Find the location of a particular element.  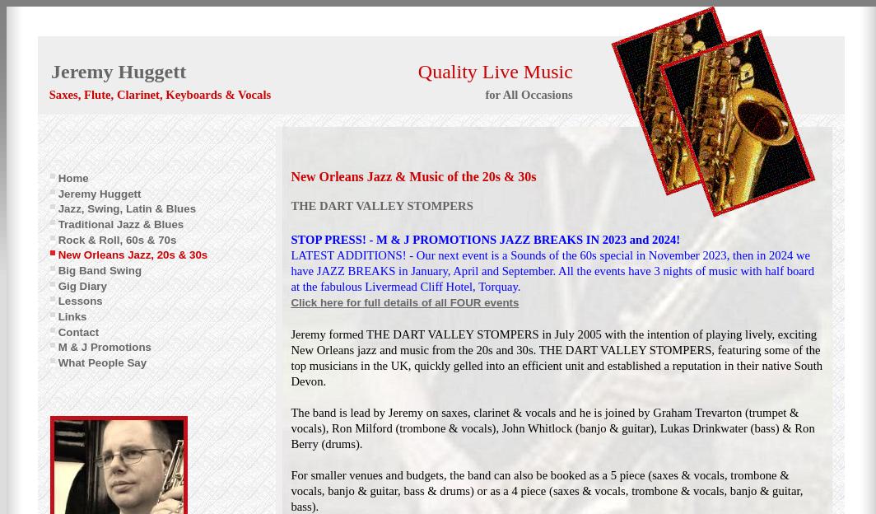

'Jazz, Swing, Latin & Blues' is located at coordinates (125, 208).